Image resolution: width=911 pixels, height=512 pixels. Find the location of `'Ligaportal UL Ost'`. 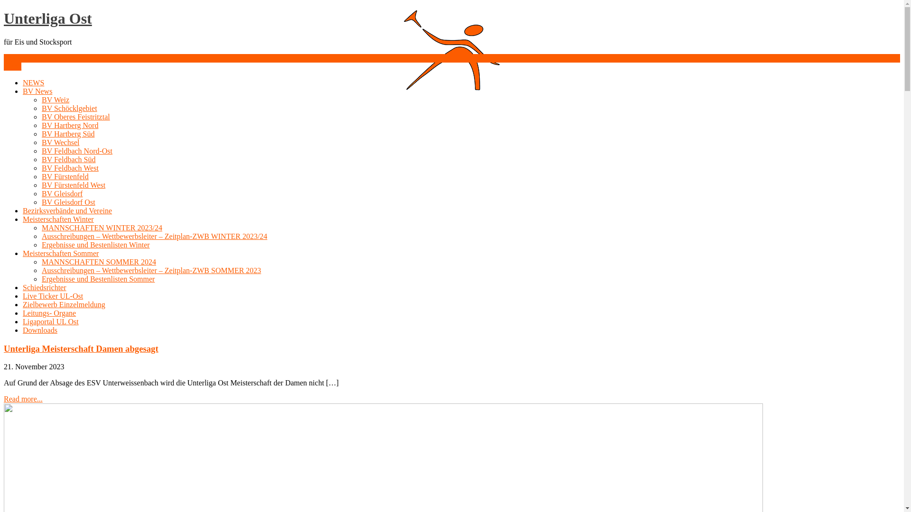

'Ligaportal UL Ost' is located at coordinates (50, 321).